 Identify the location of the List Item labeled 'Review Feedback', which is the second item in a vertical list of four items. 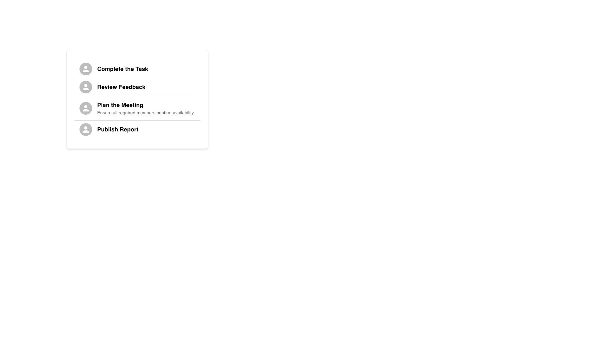
(137, 87).